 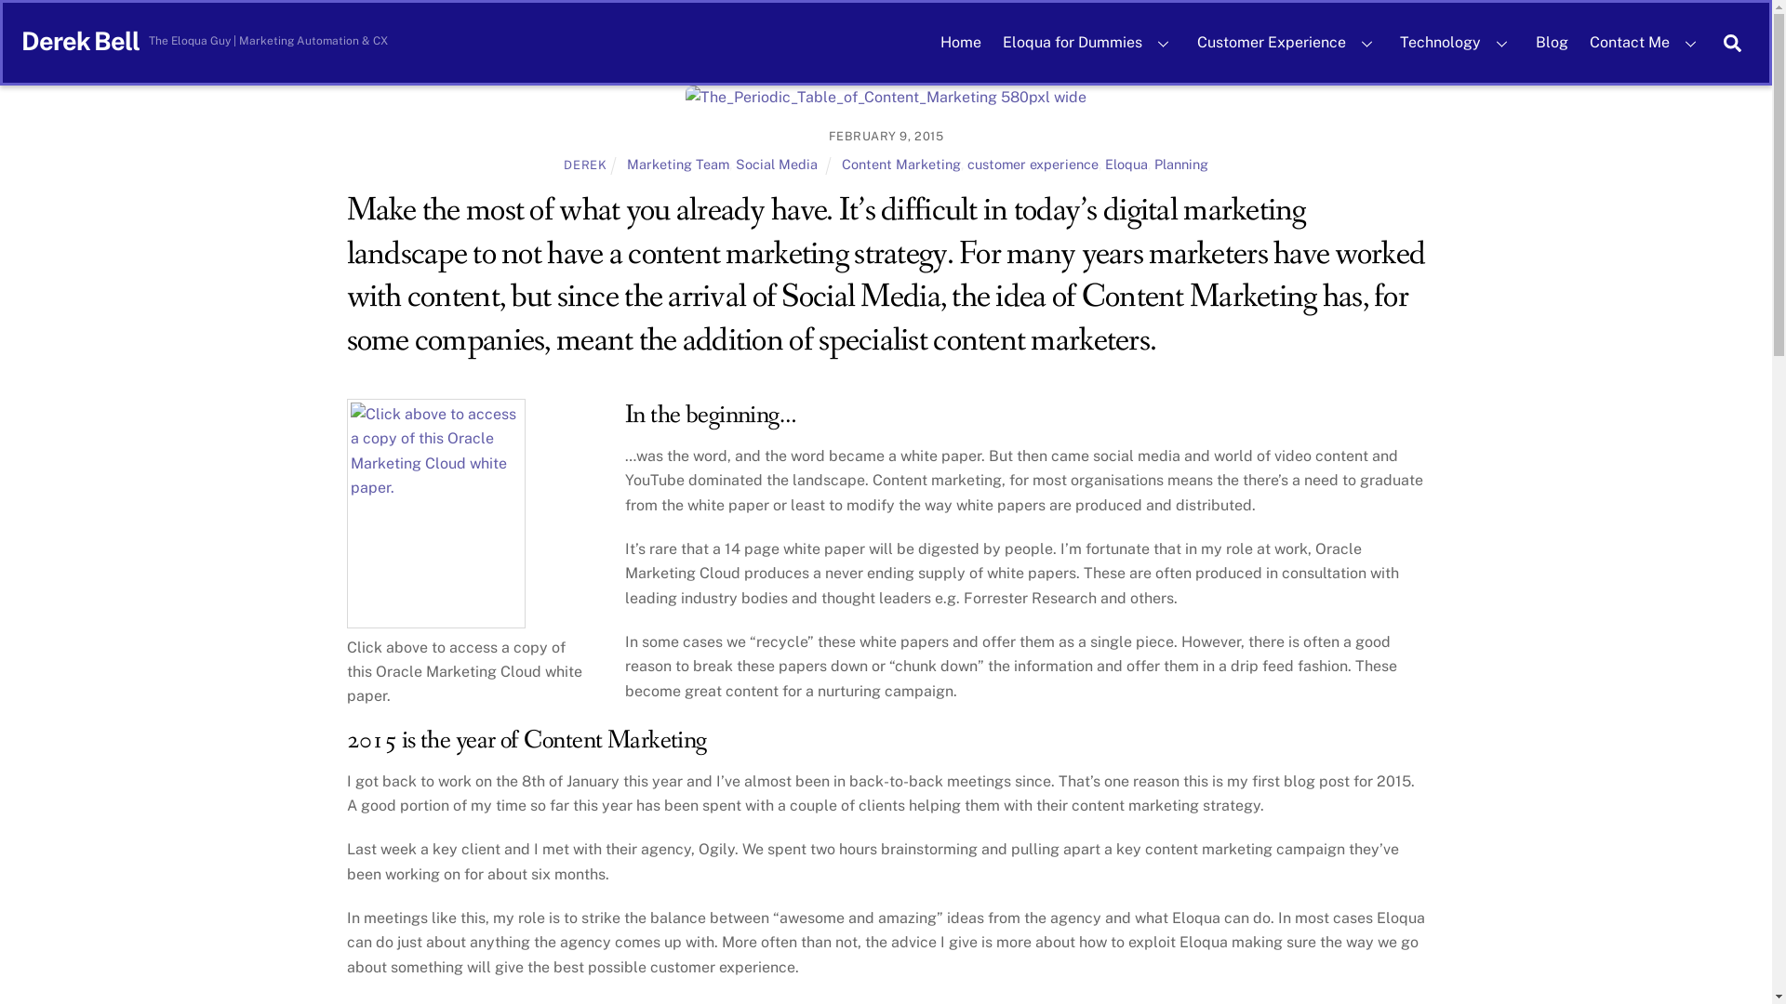 What do you see at coordinates (1646, 42) in the screenshot?
I see `'Contact Me'` at bounding box center [1646, 42].